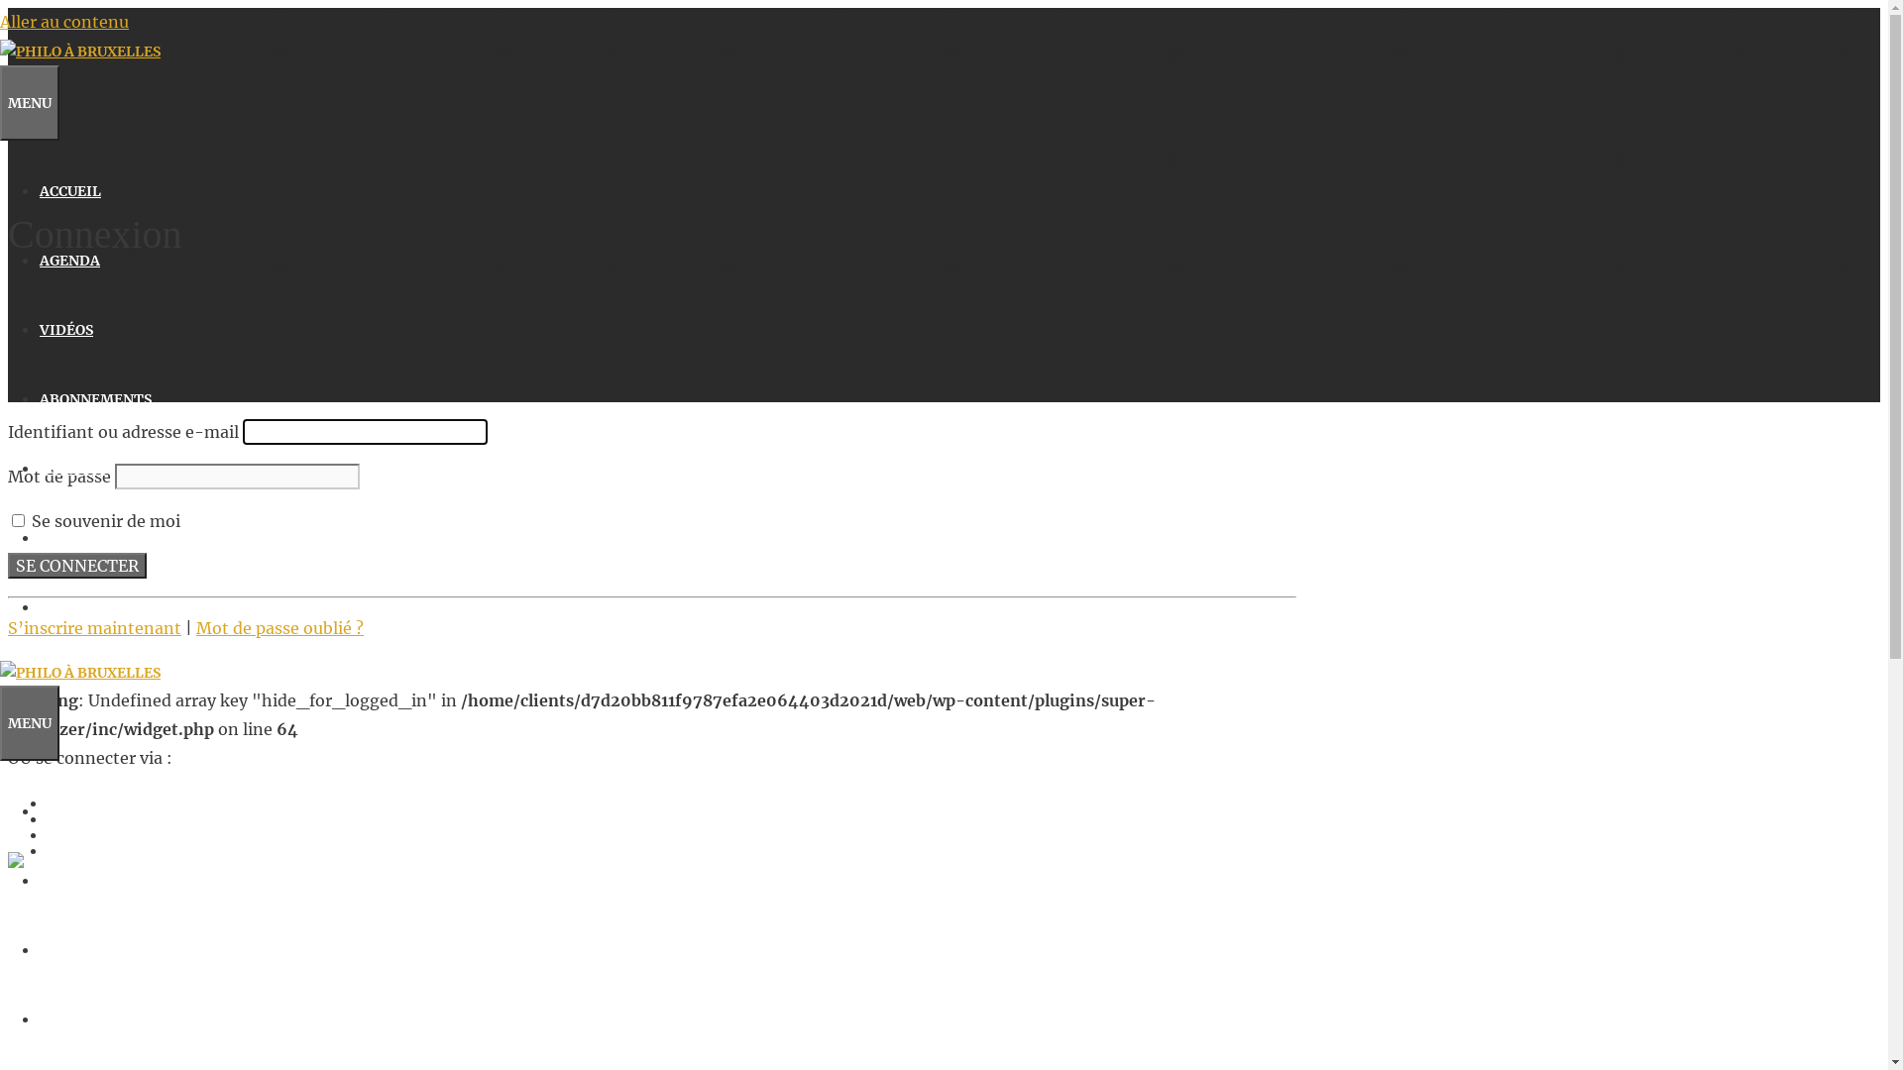  I want to click on 'MENU', so click(29, 103).